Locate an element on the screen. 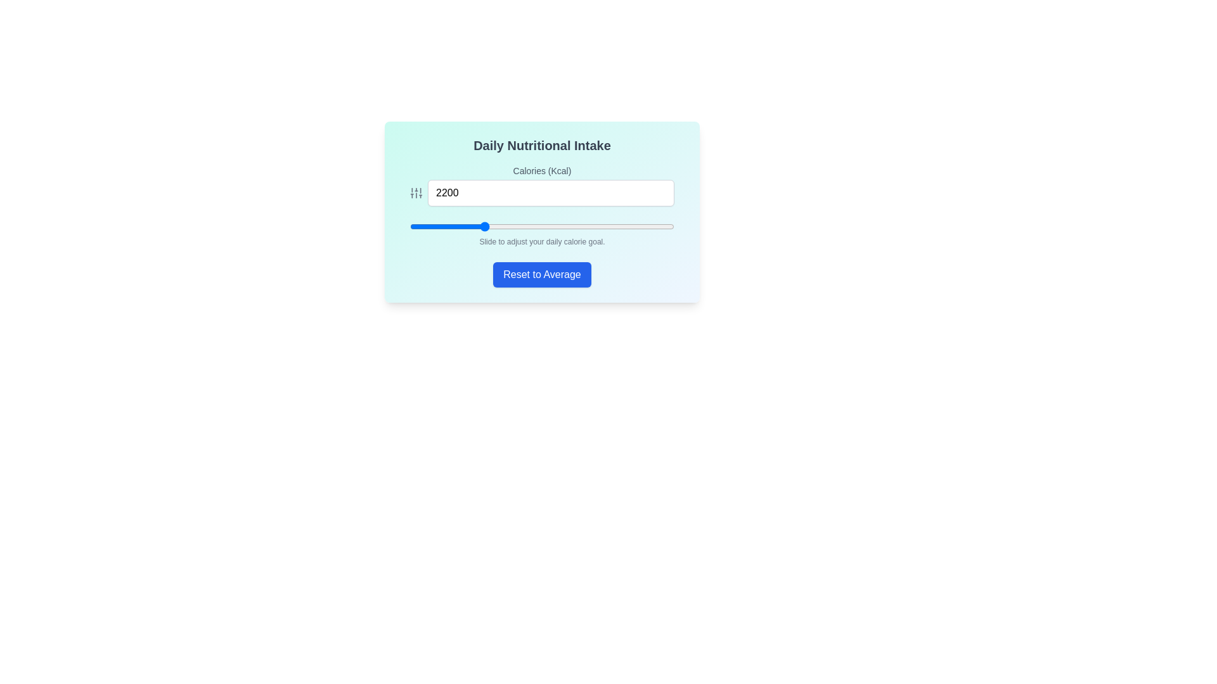 This screenshot has width=1217, height=684. daily calorie intake goal is located at coordinates (635, 226).